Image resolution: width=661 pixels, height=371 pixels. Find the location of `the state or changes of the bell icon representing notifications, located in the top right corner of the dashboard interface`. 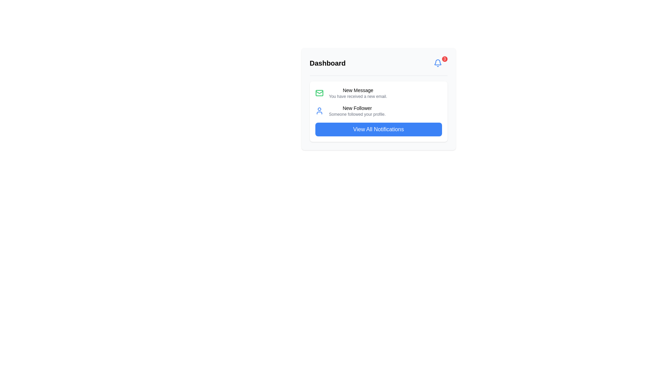

the state or changes of the bell icon representing notifications, located in the top right corner of the dashboard interface is located at coordinates (437, 62).